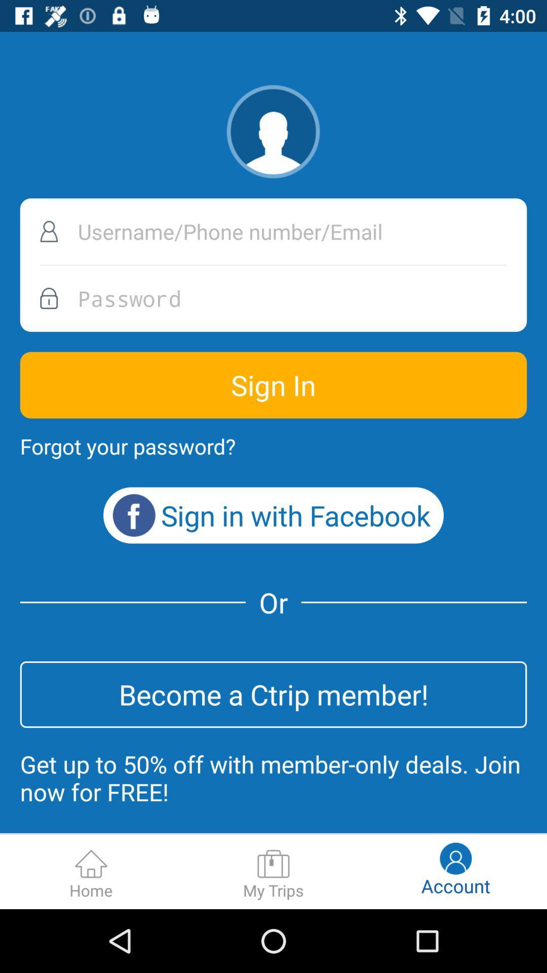 Image resolution: width=547 pixels, height=973 pixels. Describe the element at coordinates (273, 231) in the screenshot. I see `username` at that location.